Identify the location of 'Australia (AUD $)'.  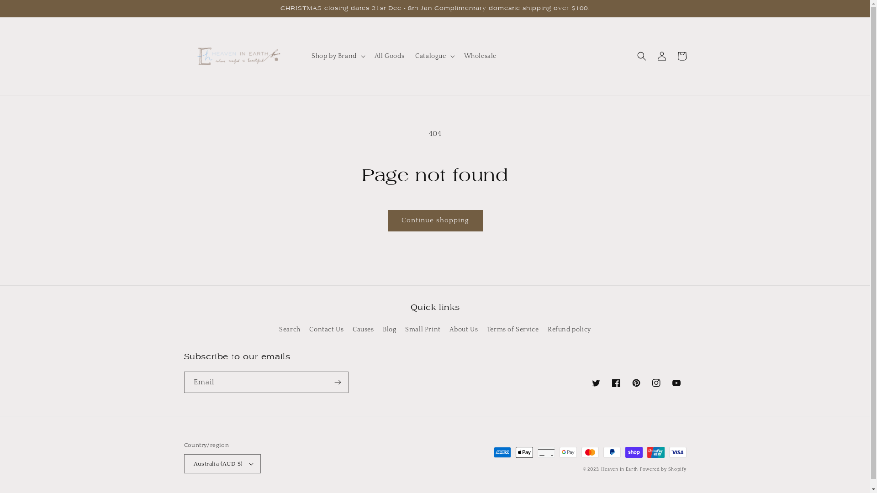
(183, 463).